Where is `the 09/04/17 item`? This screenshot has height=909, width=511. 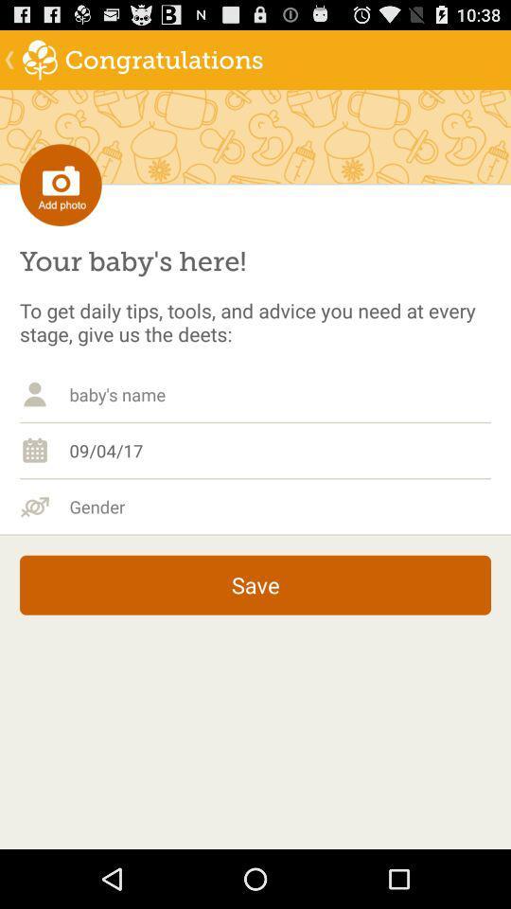
the 09/04/17 item is located at coordinates (279, 450).